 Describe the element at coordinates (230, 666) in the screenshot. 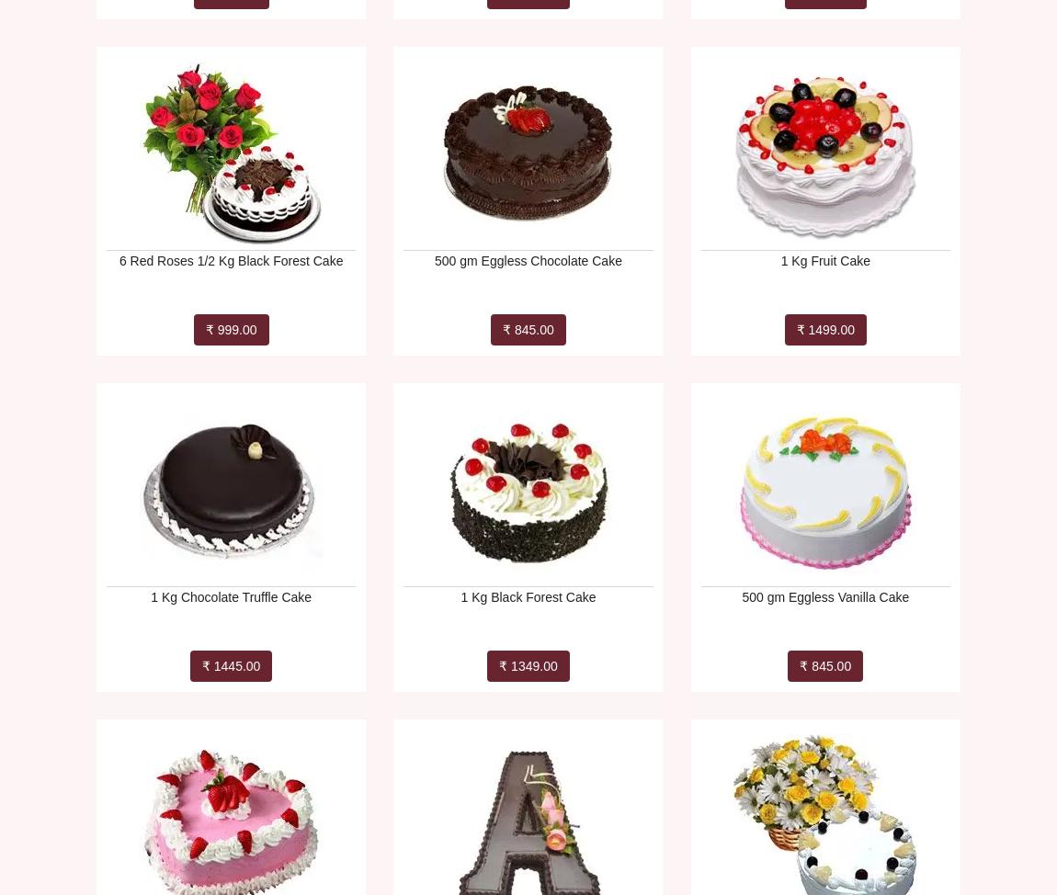

I see `'₹ 1445.00'` at that location.